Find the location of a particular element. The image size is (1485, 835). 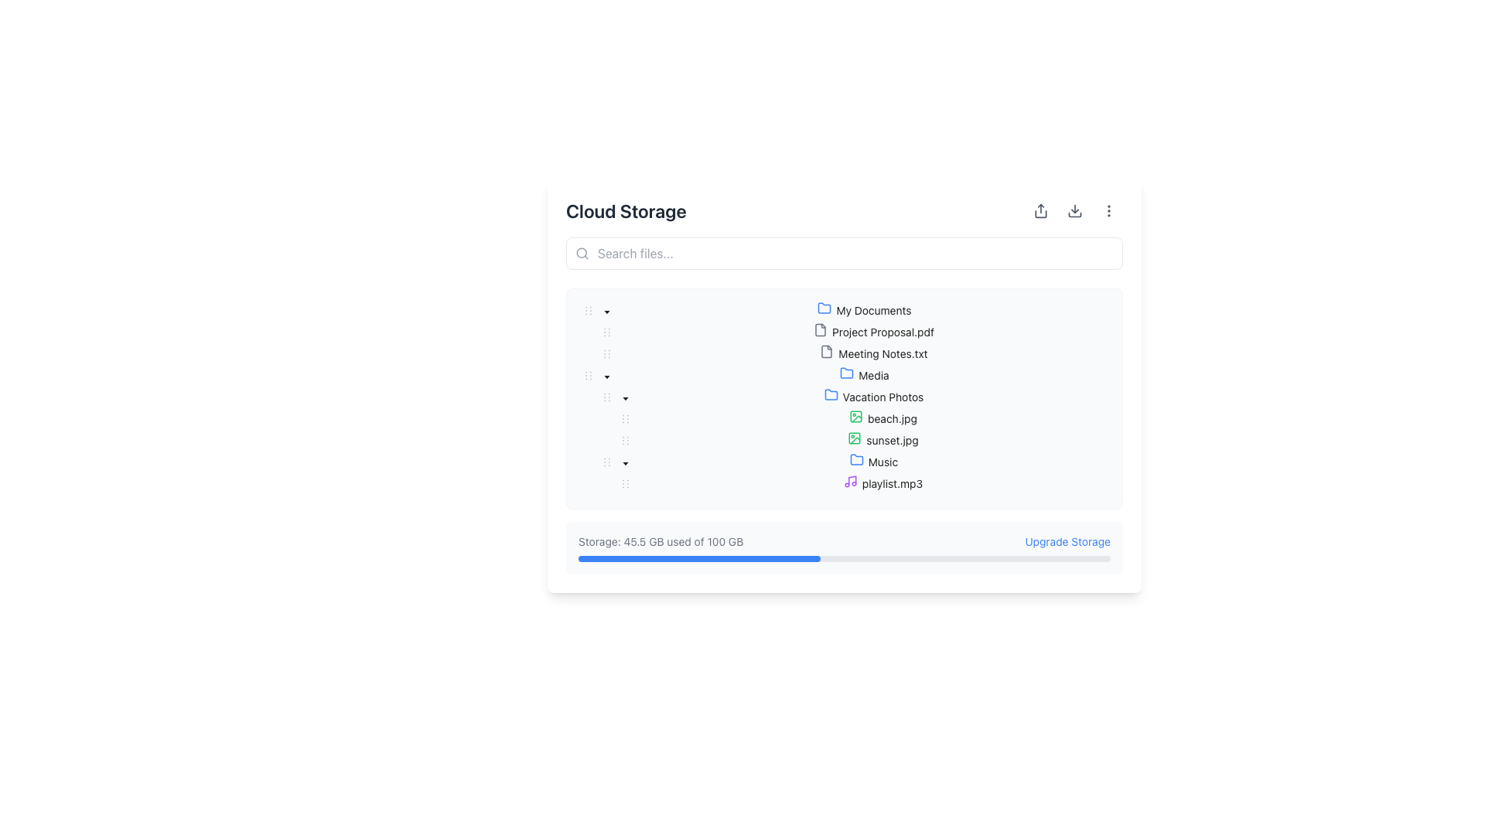

the first icon button with an upward arrow symbolizing 'share' located at the top-right corner of the UI is located at coordinates (1040, 211).